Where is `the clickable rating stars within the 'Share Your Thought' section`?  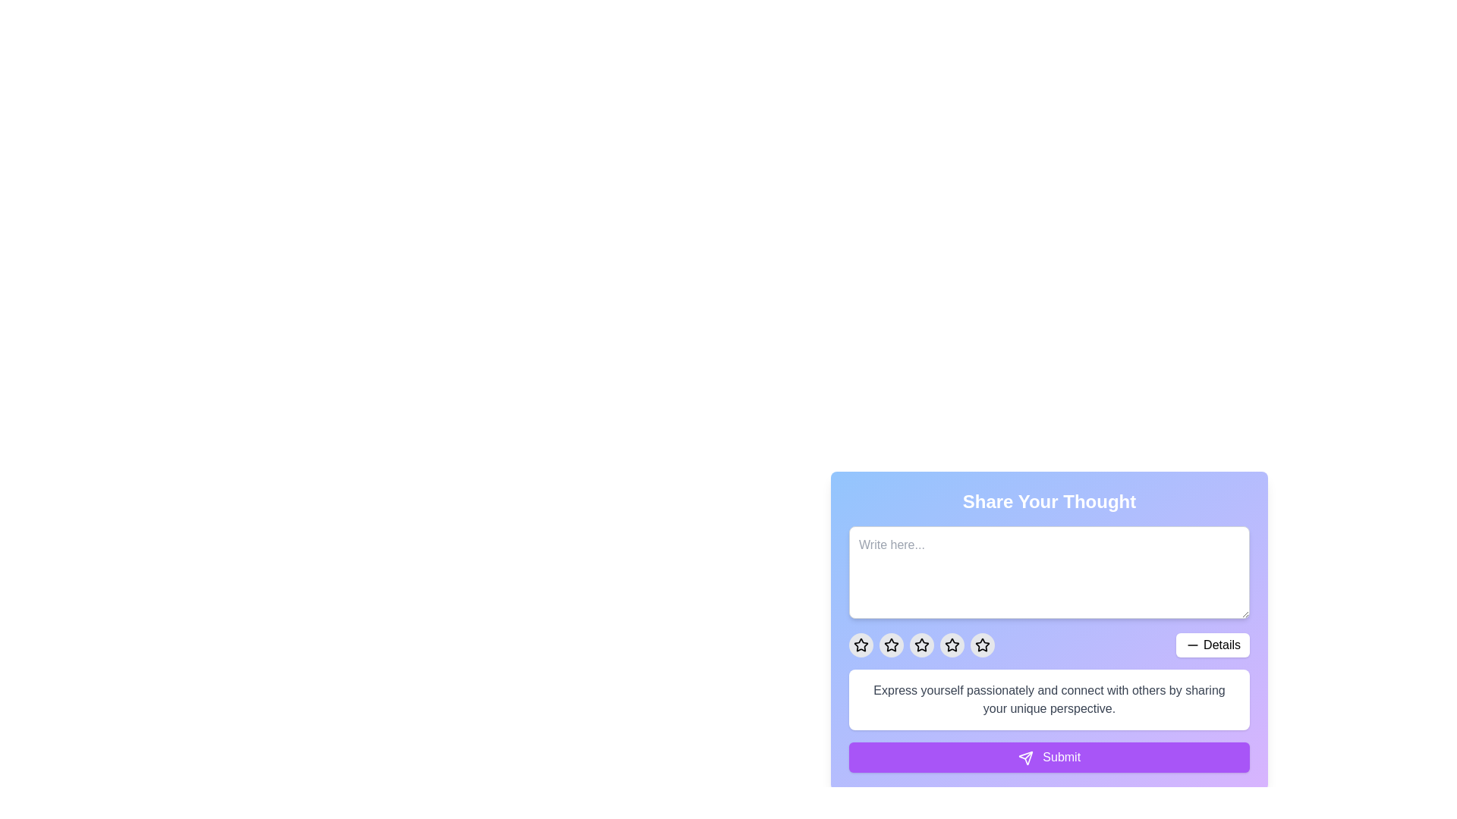
the clickable rating stars within the 'Share Your Thought' section is located at coordinates (1048, 645).